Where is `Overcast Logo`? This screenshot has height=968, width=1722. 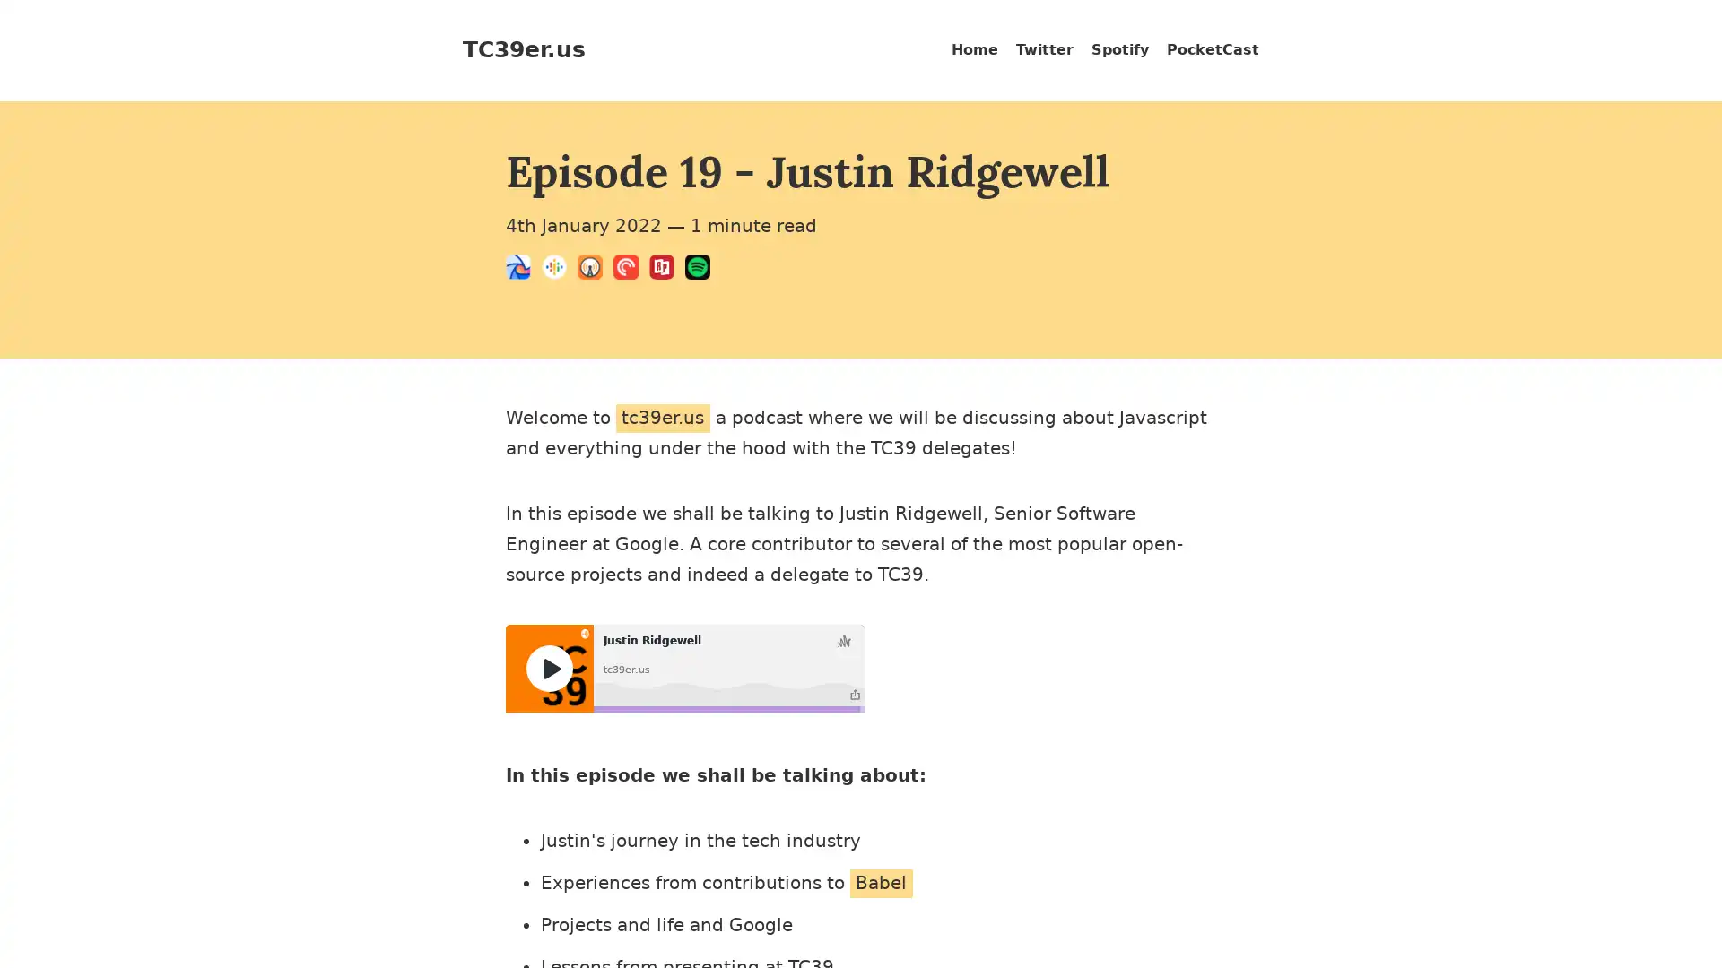 Overcast Logo is located at coordinates (595, 270).